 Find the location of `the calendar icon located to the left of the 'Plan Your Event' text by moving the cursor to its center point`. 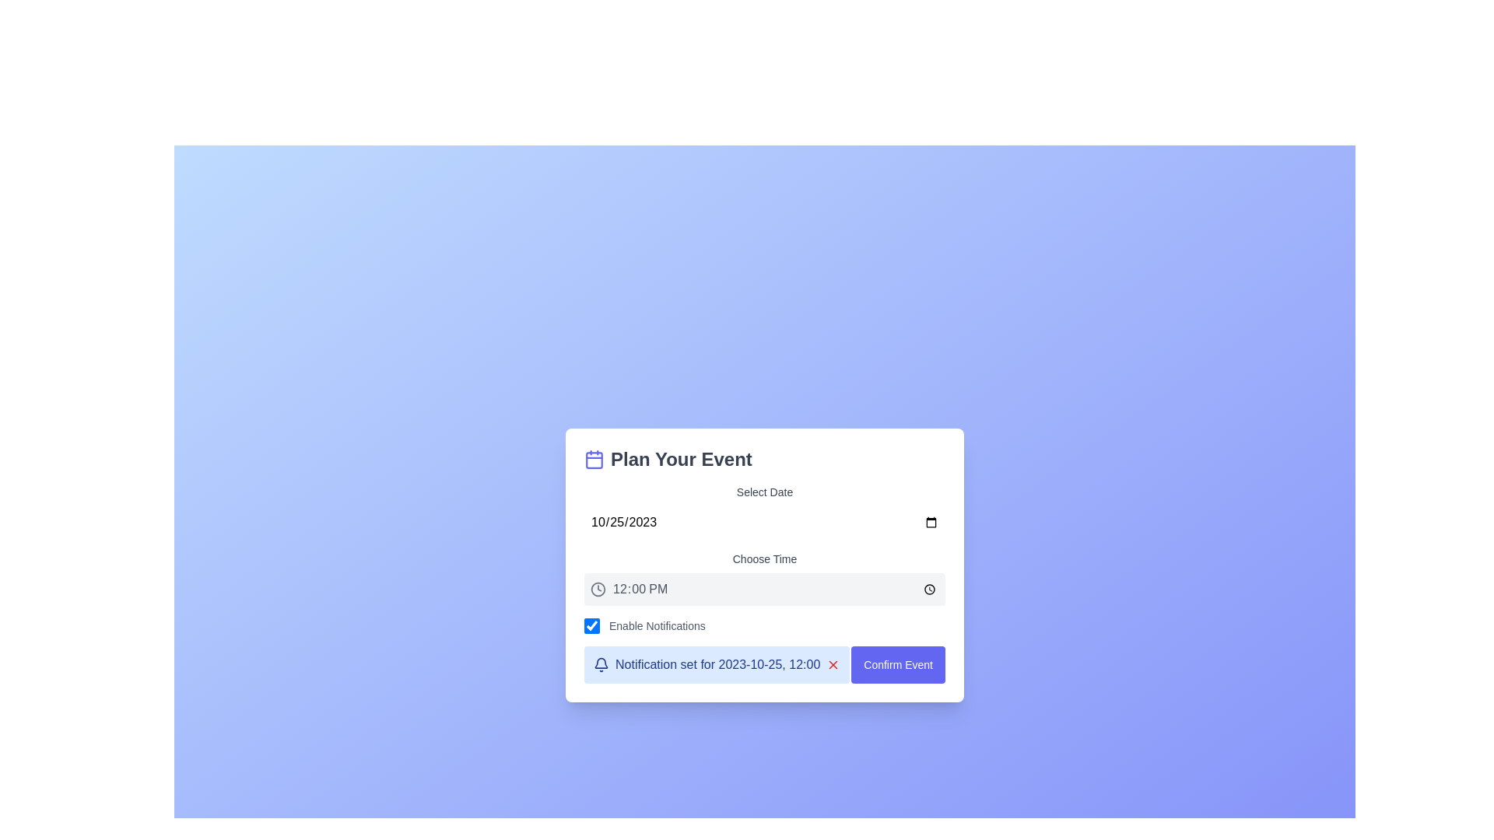

the calendar icon located to the left of the 'Plan Your Event' text by moving the cursor to its center point is located at coordinates (593, 458).